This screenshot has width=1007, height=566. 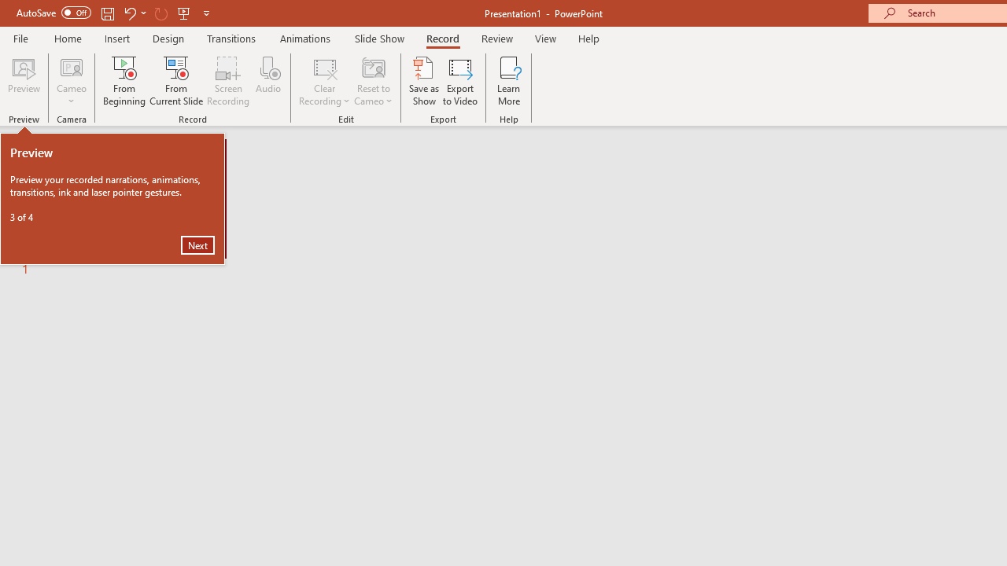 I want to click on 'Screen Recording', so click(x=227, y=81).